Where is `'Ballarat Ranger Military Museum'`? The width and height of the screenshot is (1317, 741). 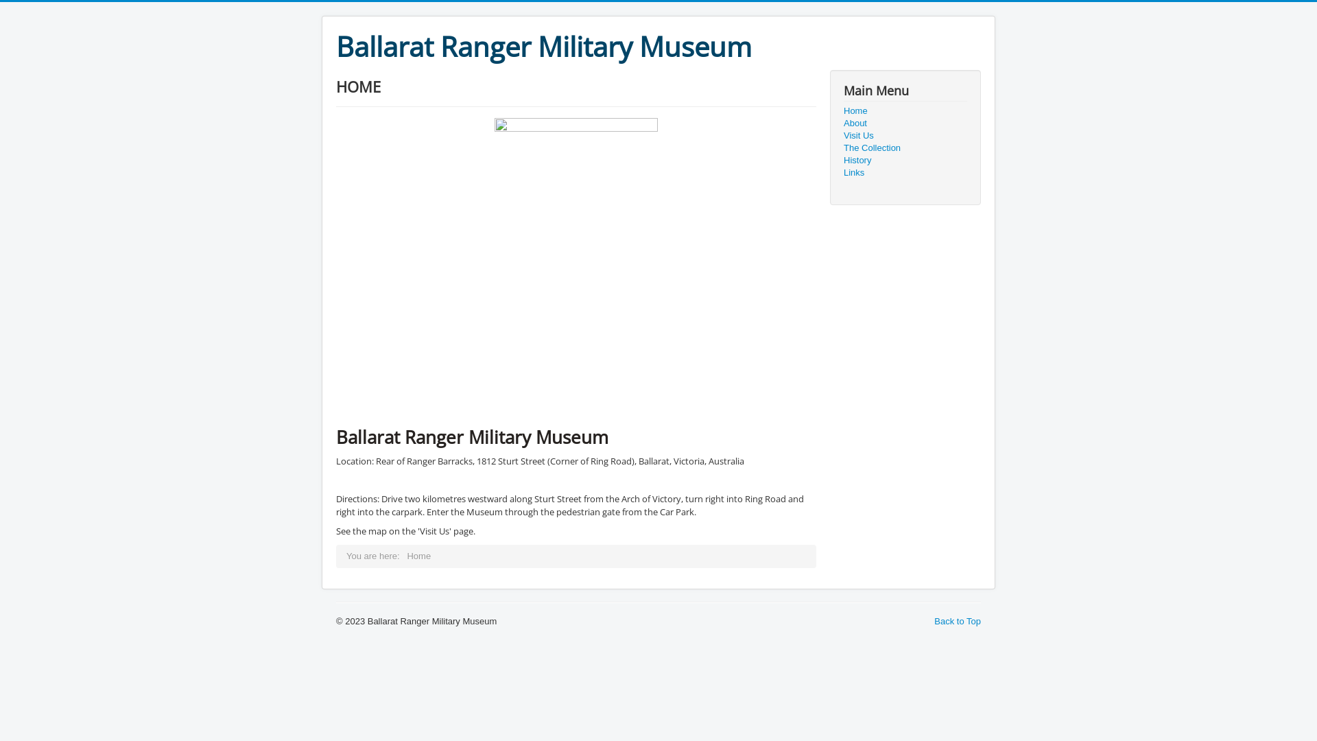 'Ballarat Ranger Military Museum' is located at coordinates (335, 46).